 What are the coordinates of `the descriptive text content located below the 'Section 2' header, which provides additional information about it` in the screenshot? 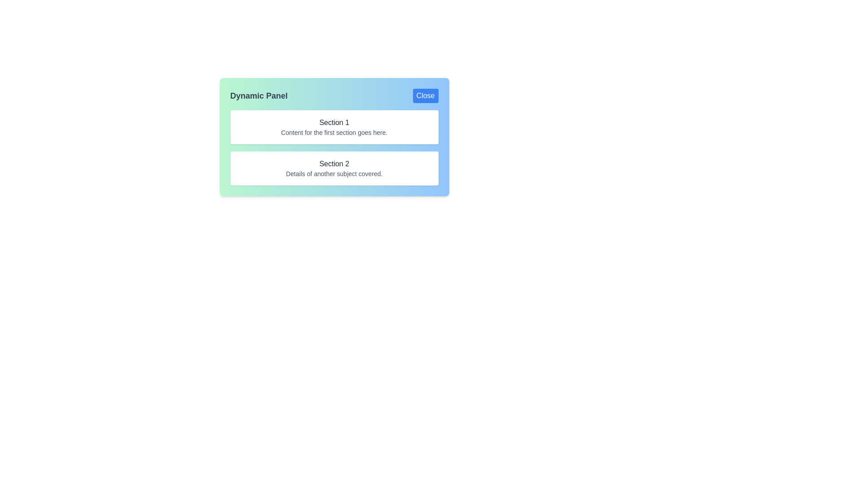 It's located at (334, 174).